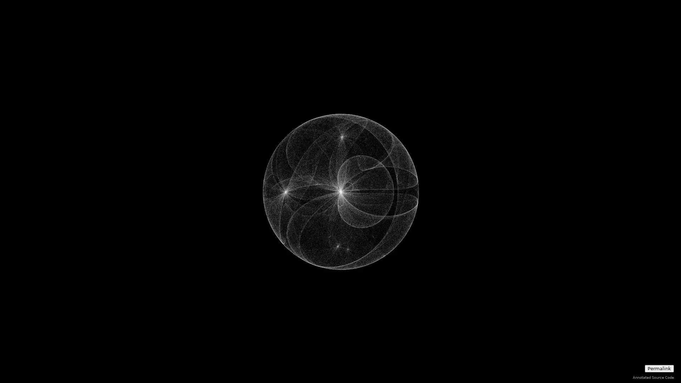 The width and height of the screenshot is (681, 383). What do you see at coordinates (659, 368) in the screenshot?
I see `Permalink` at bounding box center [659, 368].